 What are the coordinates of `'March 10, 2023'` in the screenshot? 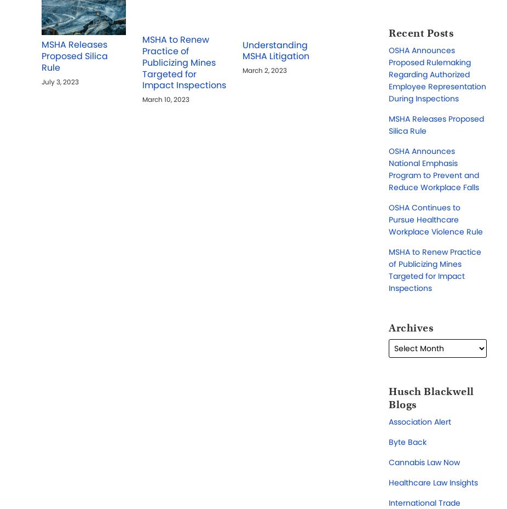 It's located at (165, 99).